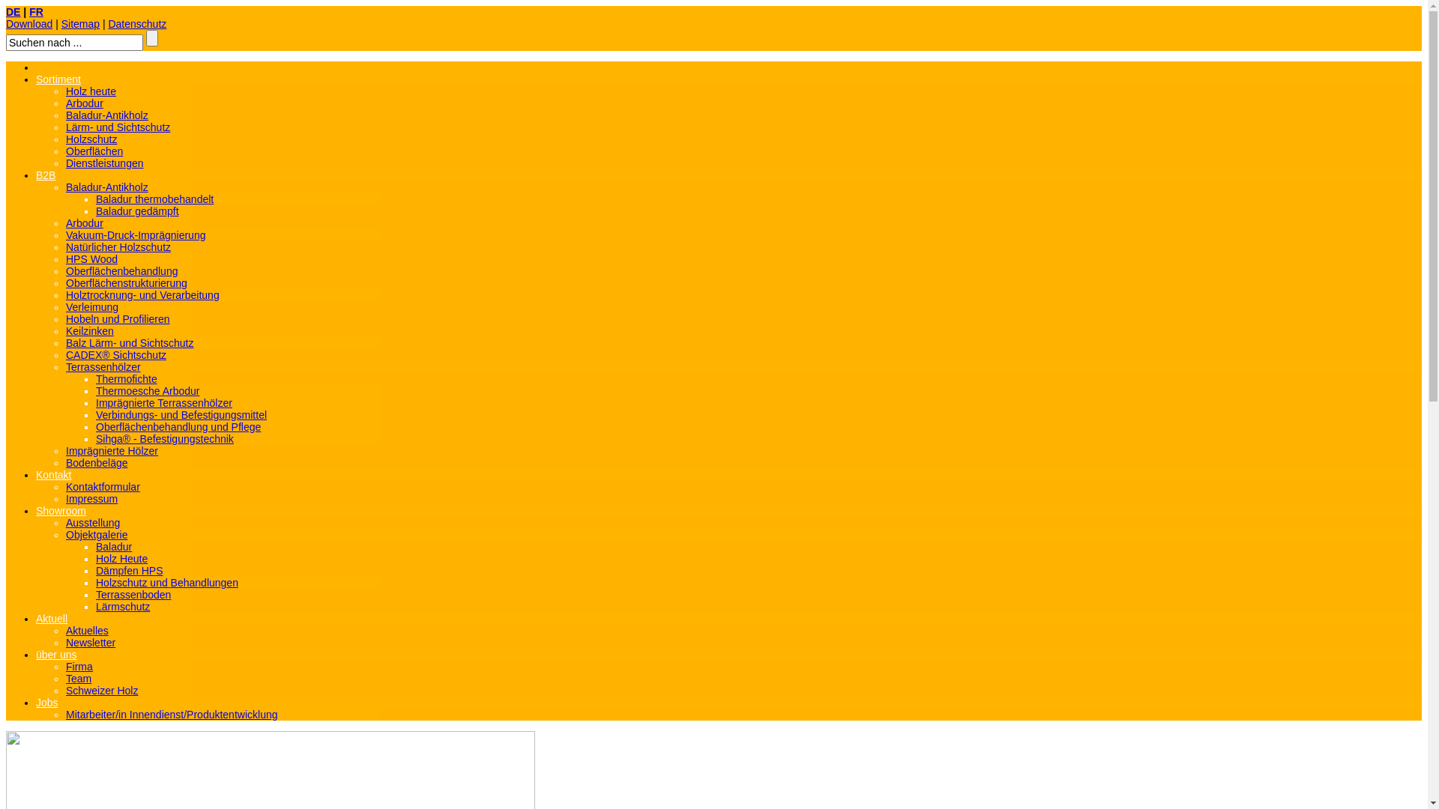  Describe the element at coordinates (64, 533) in the screenshot. I see `'Objektgalerie'` at that location.